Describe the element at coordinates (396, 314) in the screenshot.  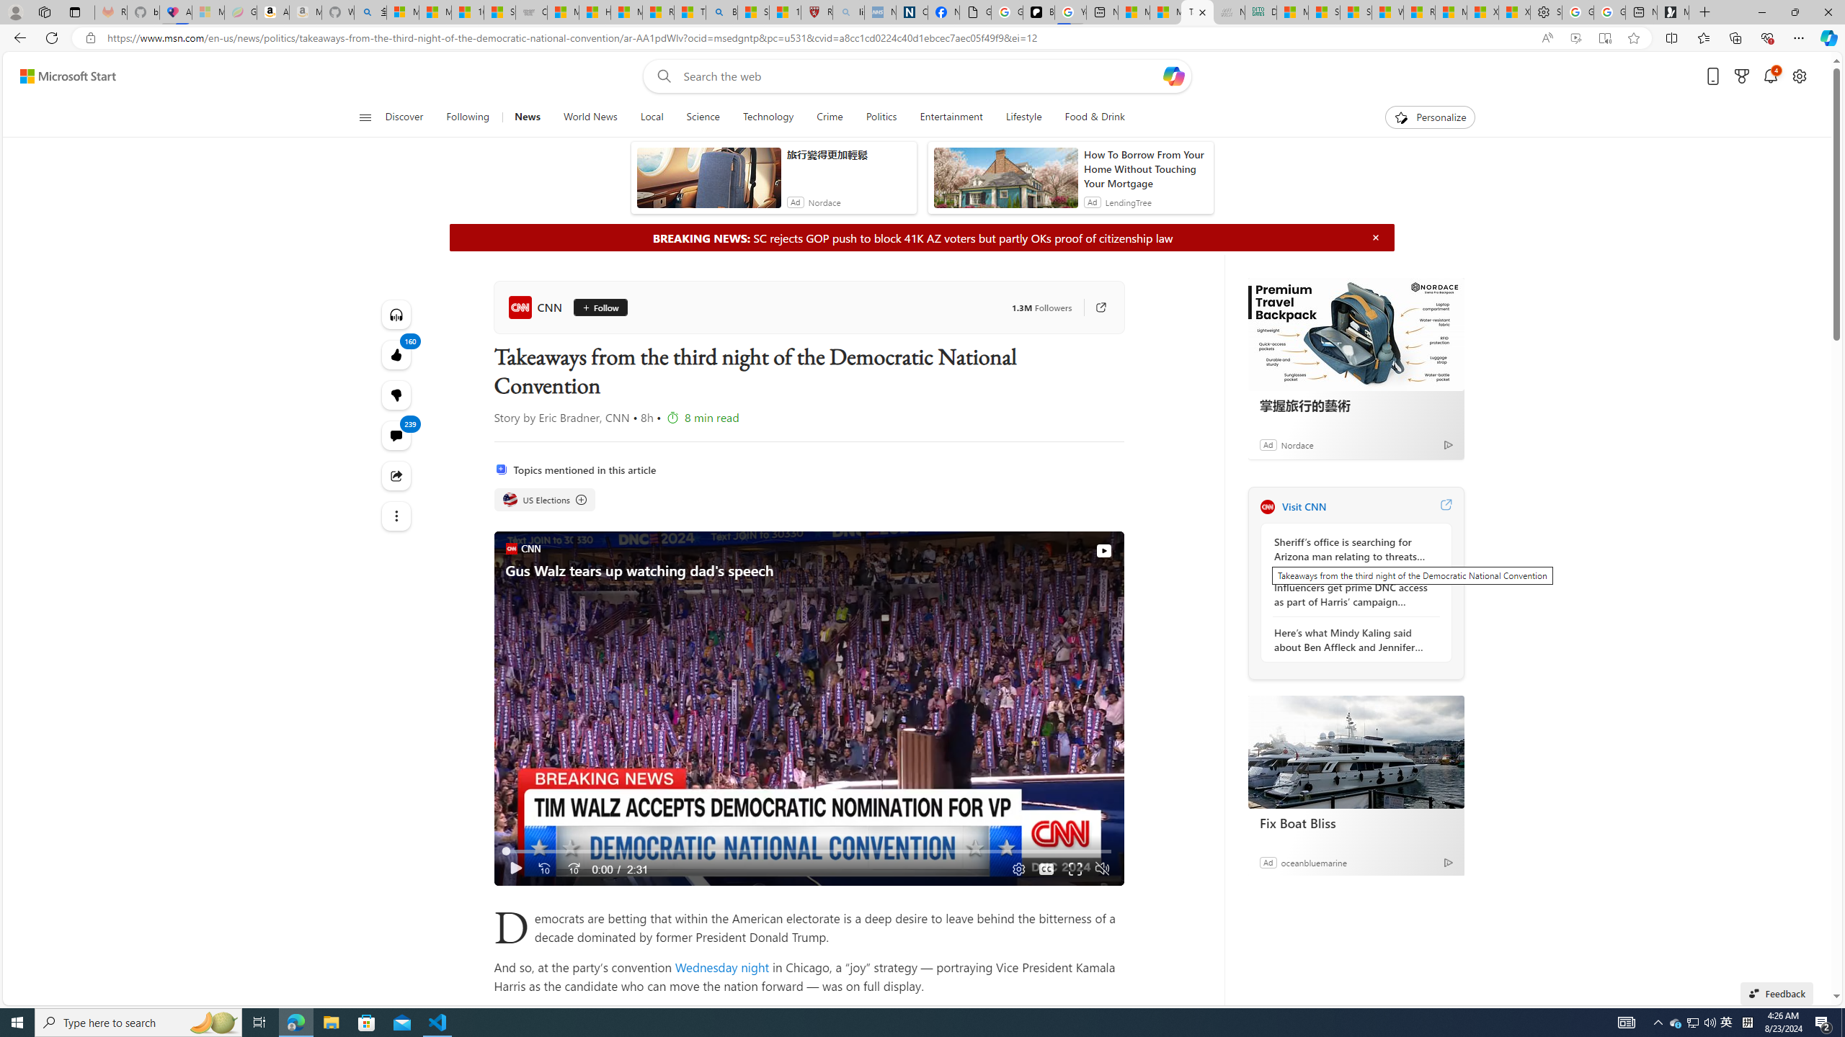
I see `'Listen to this article'` at that location.